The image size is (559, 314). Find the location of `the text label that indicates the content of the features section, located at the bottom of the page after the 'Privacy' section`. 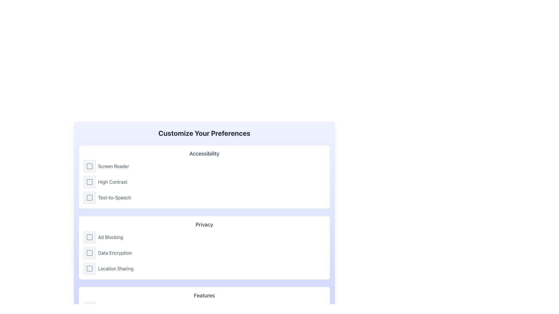

the text label that indicates the content of the features section, located at the bottom of the page after the 'Privacy' section is located at coordinates (204, 296).